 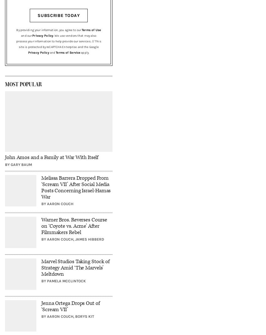 I want to click on 'Marvel Studios Taking Stock of Strategy Amid ‘The Marvels’ Meltdown', so click(x=76, y=267).